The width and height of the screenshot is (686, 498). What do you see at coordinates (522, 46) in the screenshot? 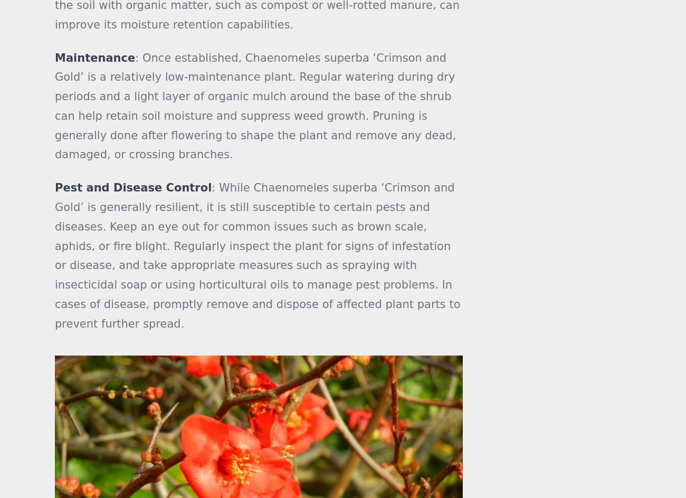
I see `'Spring'` at bounding box center [522, 46].